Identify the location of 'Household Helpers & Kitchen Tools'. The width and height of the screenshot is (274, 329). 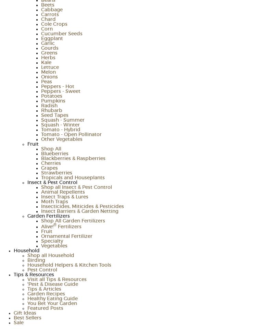
(27, 265).